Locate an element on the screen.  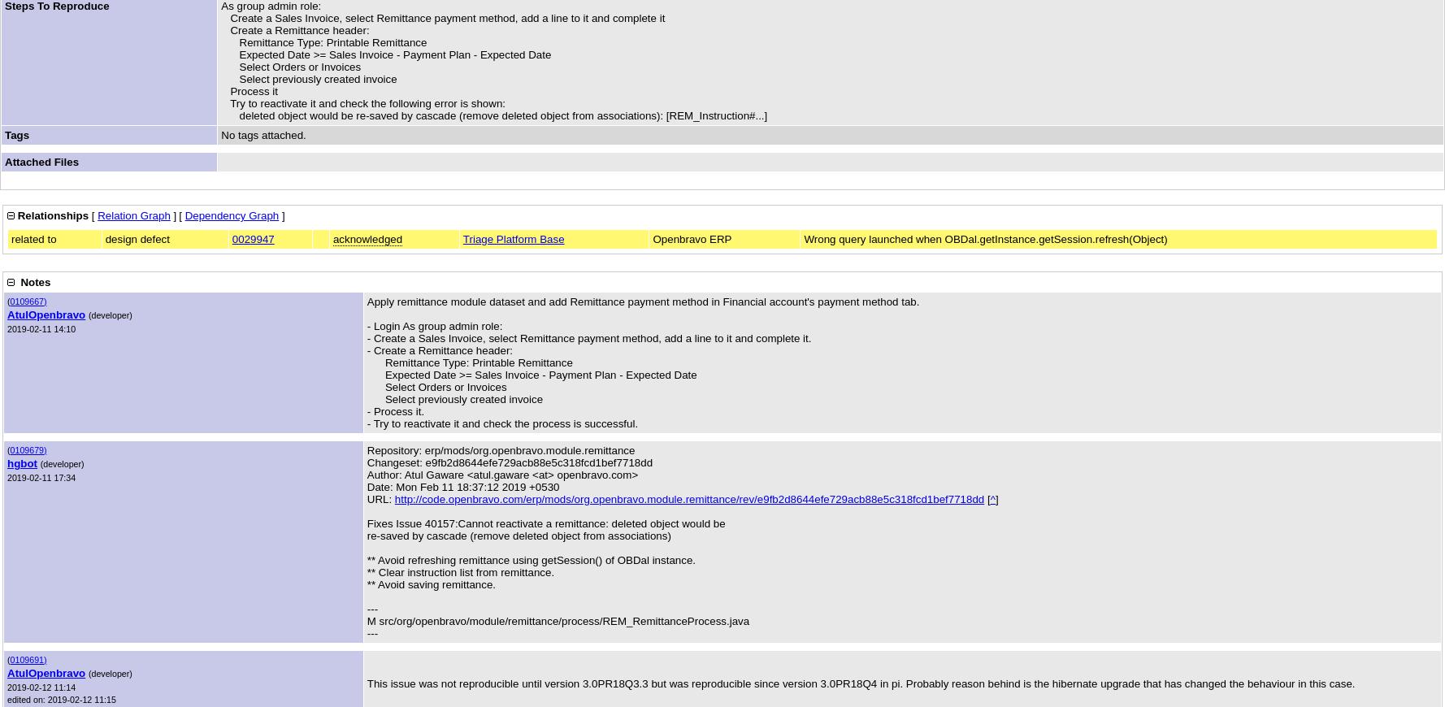
'** Avoid saving remittance.' is located at coordinates (431, 584).